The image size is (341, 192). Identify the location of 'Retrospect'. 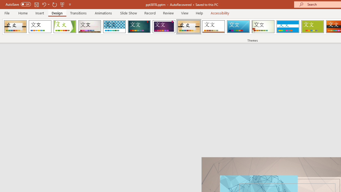
(213, 27).